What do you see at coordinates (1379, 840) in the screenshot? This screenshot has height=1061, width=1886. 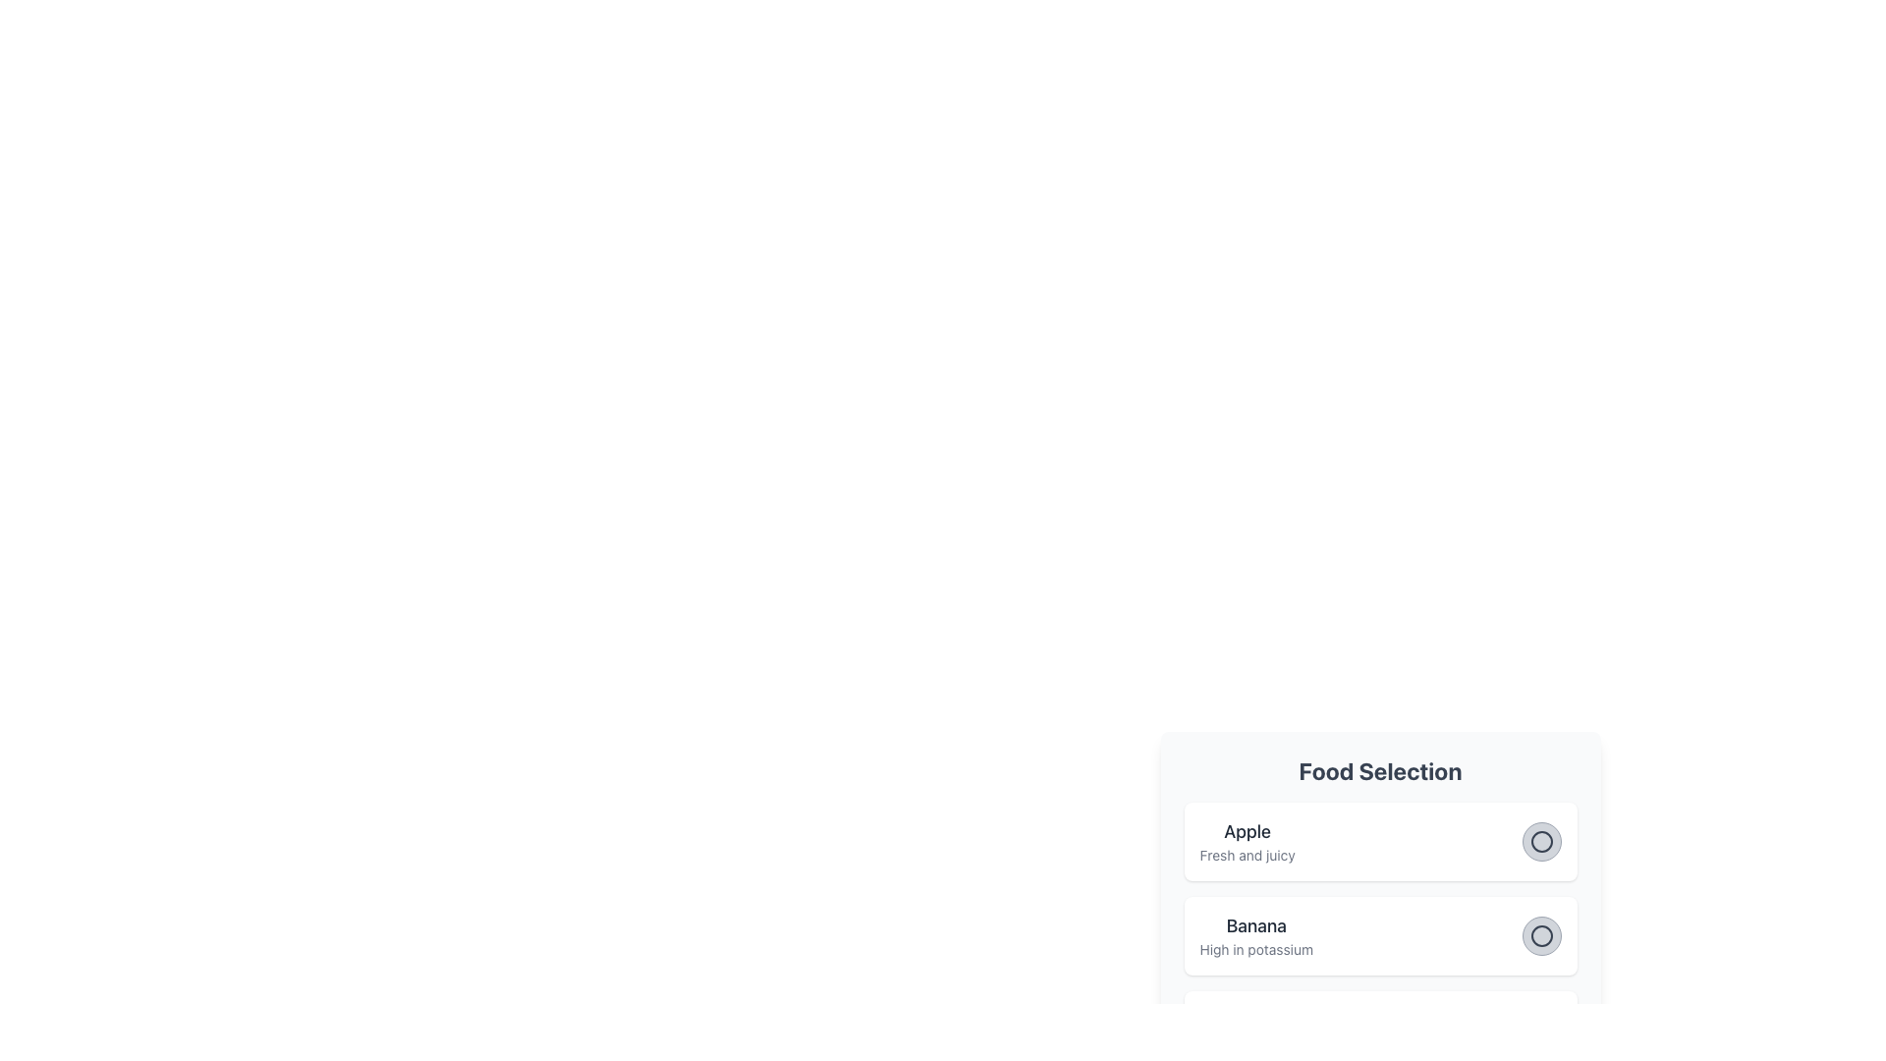 I see `the selectable item card representing 'Apple' in the 'Food Selection' list` at bounding box center [1379, 840].